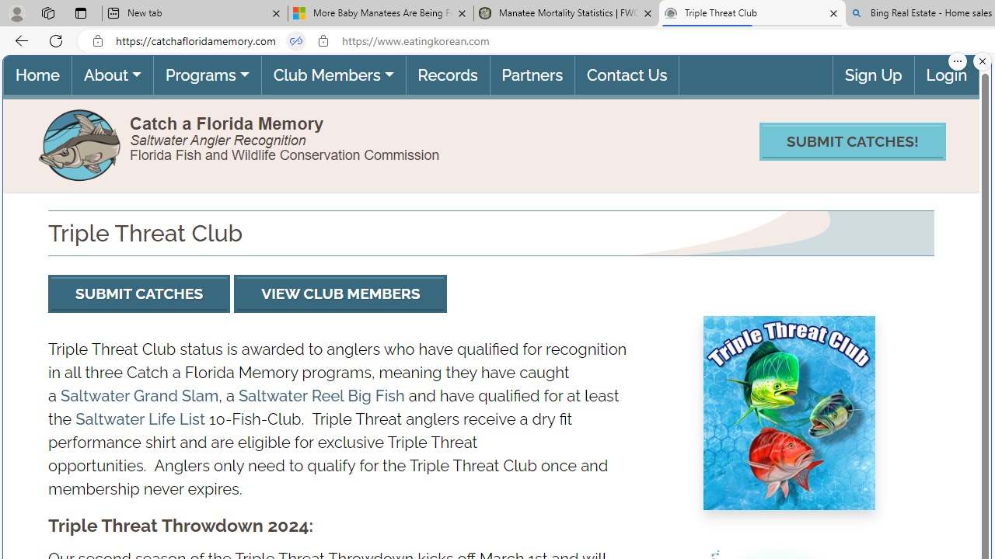  What do you see at coordinates (446, 75) in the screenshot?
I see `'Records'` at bounding box center [446, 75].